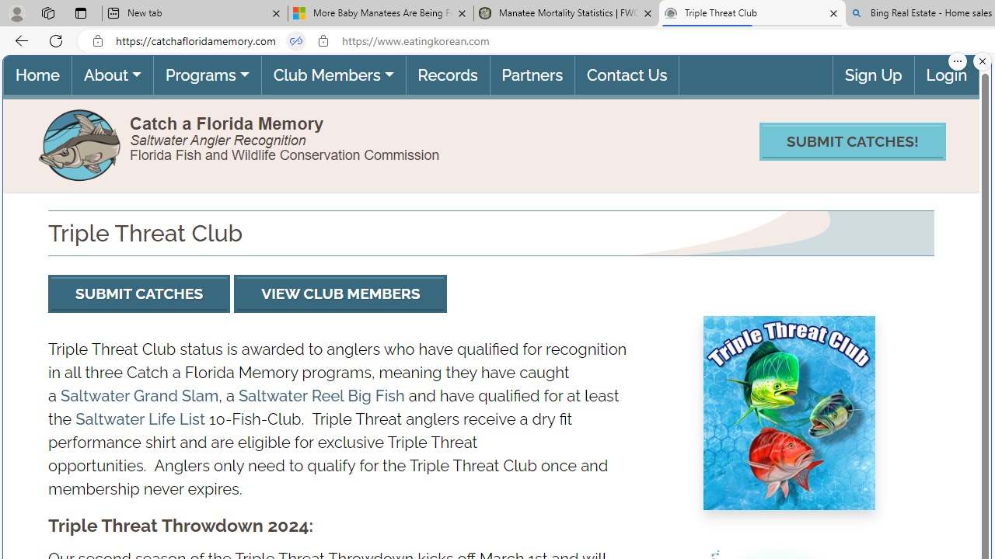  What do you see at coordinates (446, 75) in the screenshot?
I see `'Records'` at bounding box center [446, 75].